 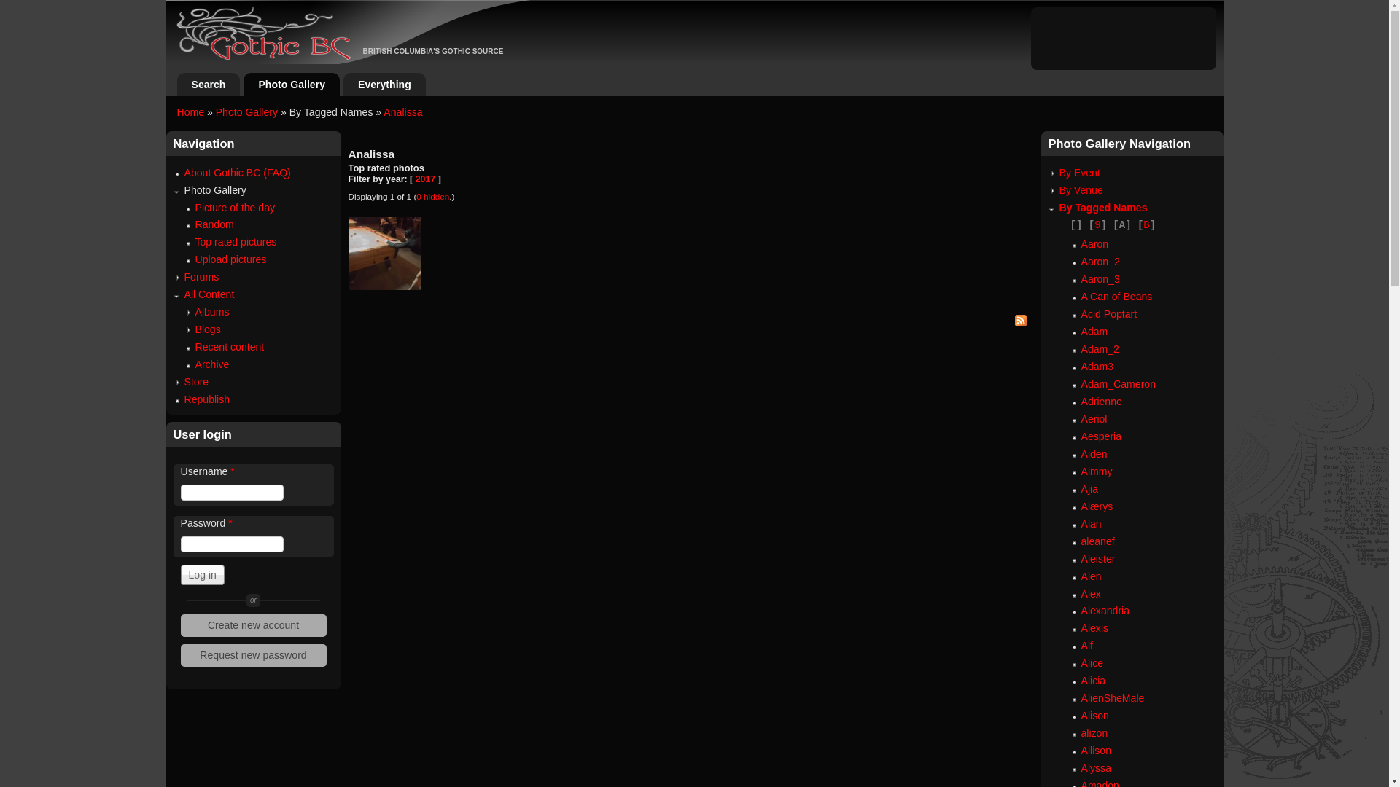 What do you see at coordinates (254, 624) in the screenshot?
I see `'Create new account'` at bounding box center [254, 624].